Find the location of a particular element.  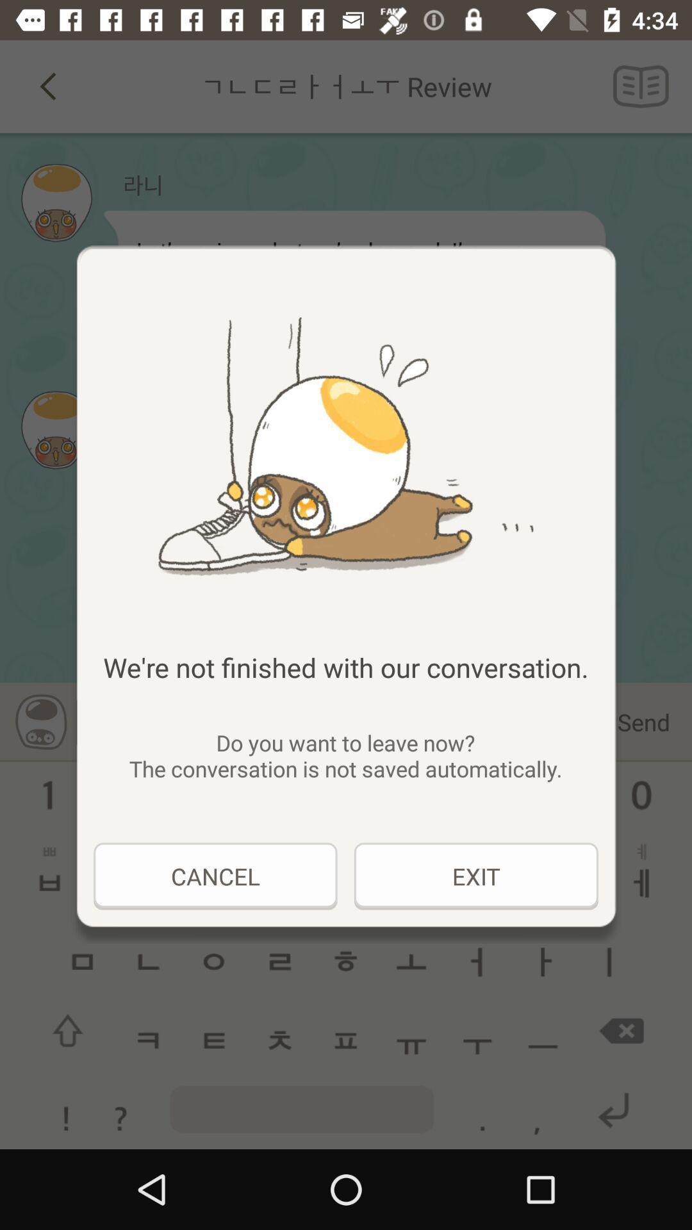

the exit item is located at coordinates (476, 876).